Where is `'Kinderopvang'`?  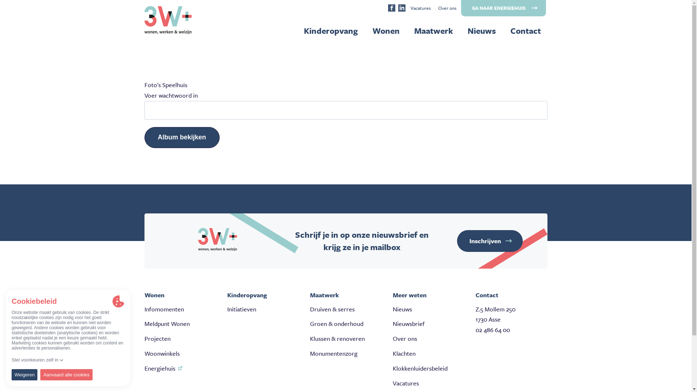 'Kinderopvang' is located at coordinates (330, 30).